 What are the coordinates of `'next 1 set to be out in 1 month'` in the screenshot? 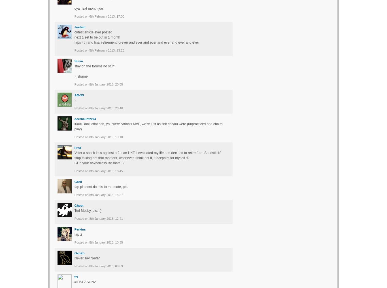 It's located at (74, 37).